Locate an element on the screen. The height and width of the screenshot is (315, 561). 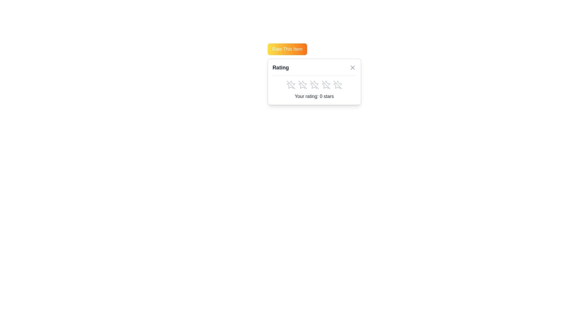
the first star icon in the 5-star rating widget is located at coordinates (291, 85).